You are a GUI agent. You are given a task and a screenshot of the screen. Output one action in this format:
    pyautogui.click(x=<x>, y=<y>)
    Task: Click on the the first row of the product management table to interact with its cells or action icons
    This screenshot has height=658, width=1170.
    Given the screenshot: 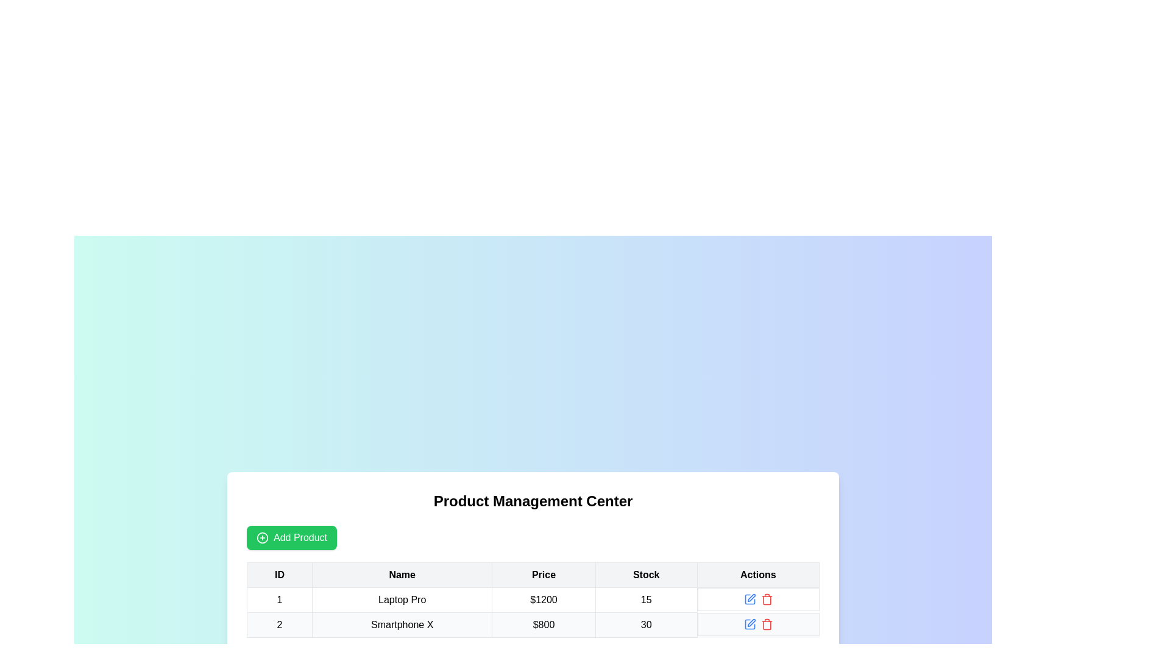 What is the action you would take?
    pyautogui.click(x=533, y=599)
    